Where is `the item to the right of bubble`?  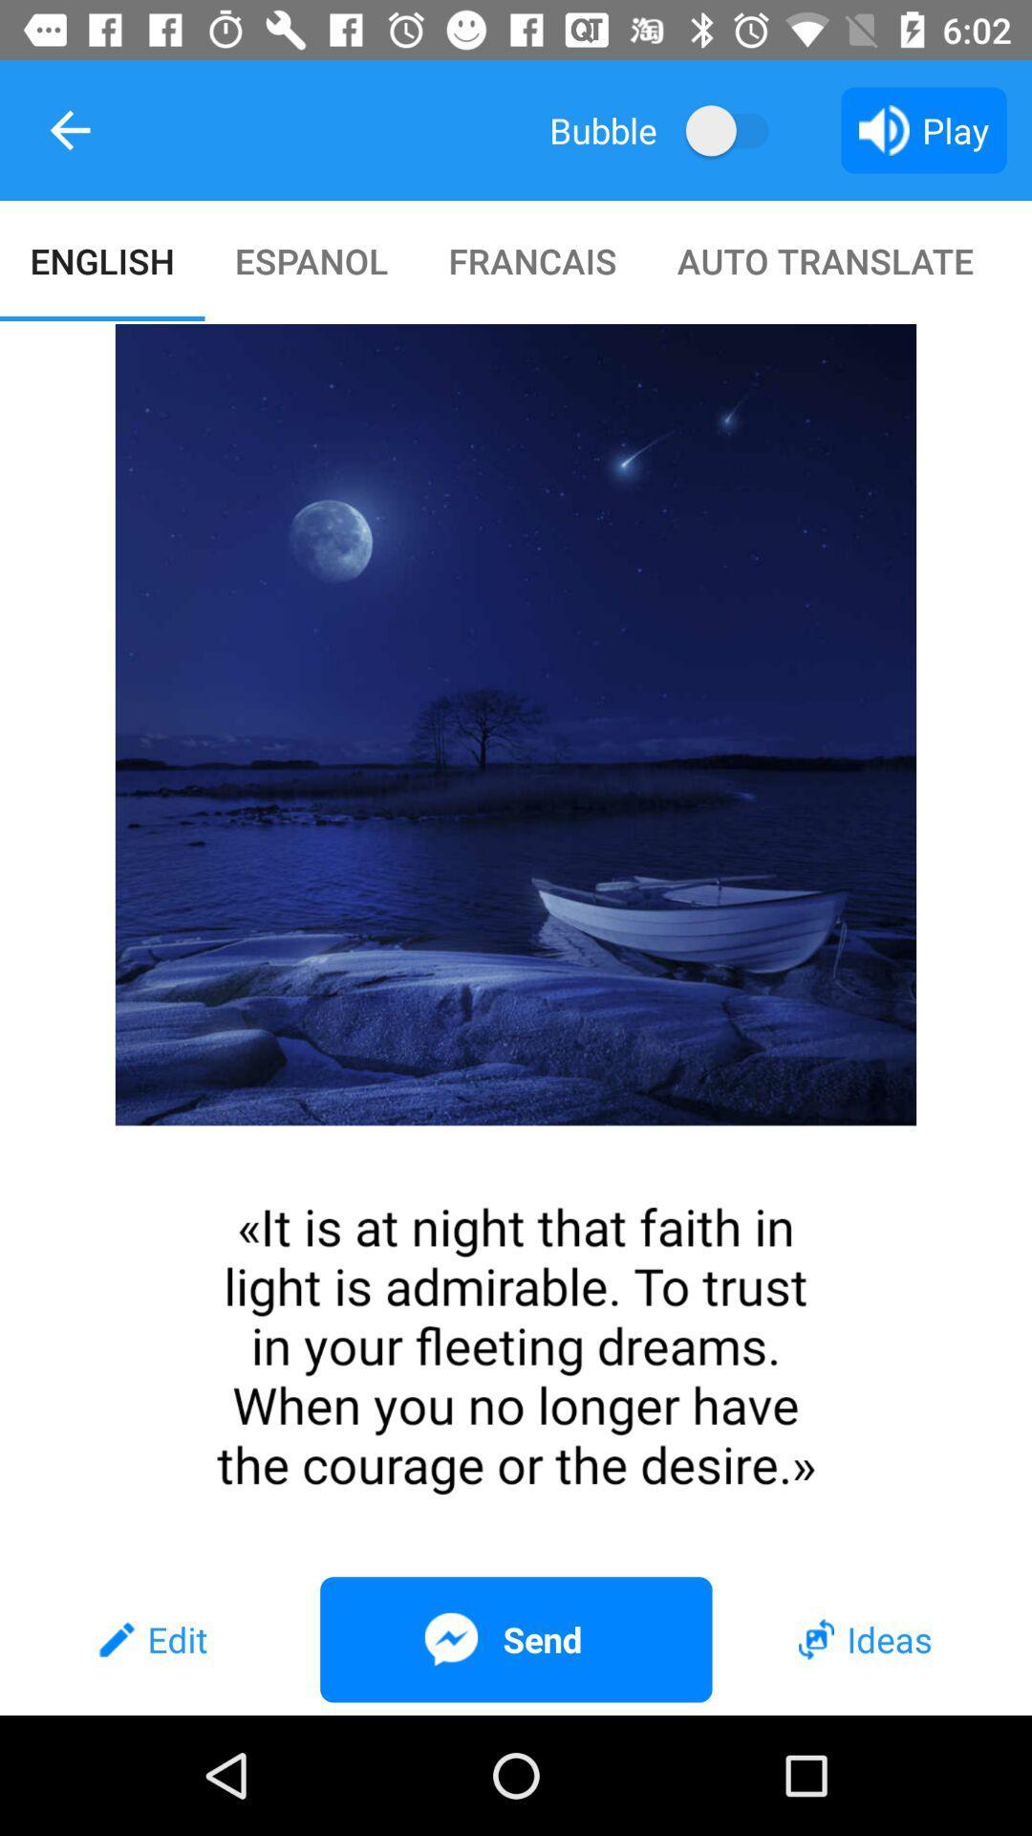
the item to the right of bubble is located at coordinates (736, 129).